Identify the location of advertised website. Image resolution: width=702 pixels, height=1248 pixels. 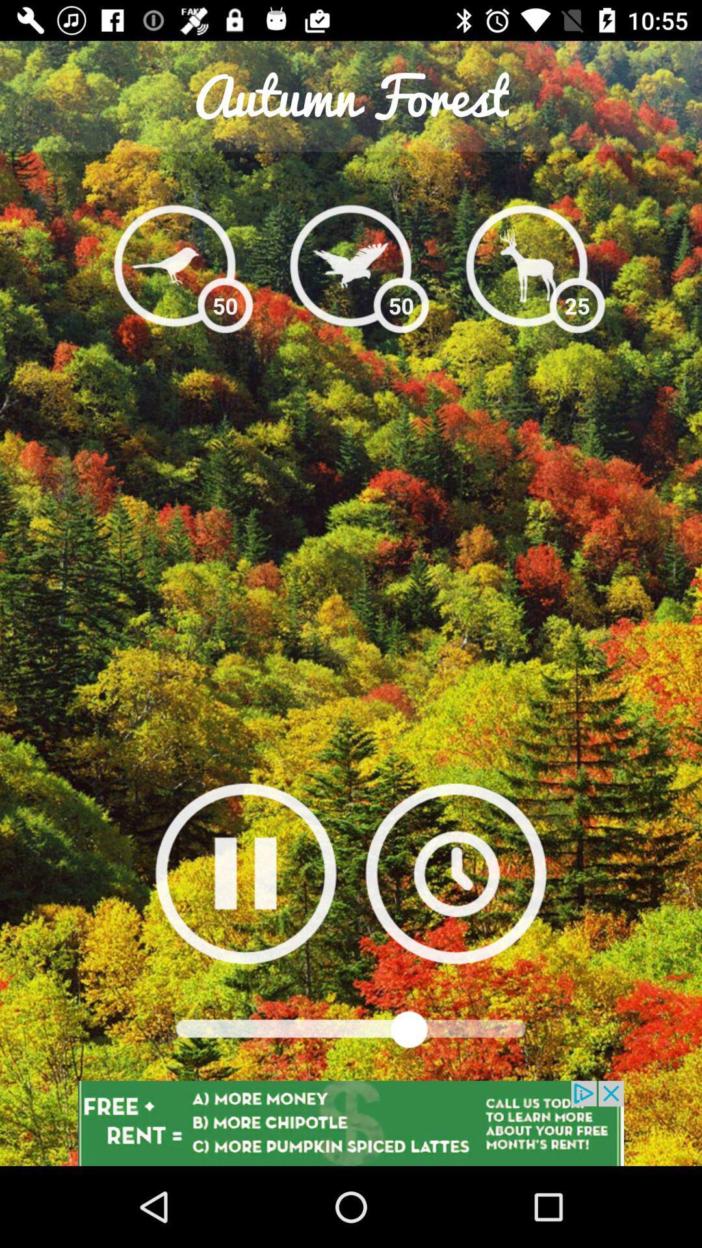
(351, 1123).